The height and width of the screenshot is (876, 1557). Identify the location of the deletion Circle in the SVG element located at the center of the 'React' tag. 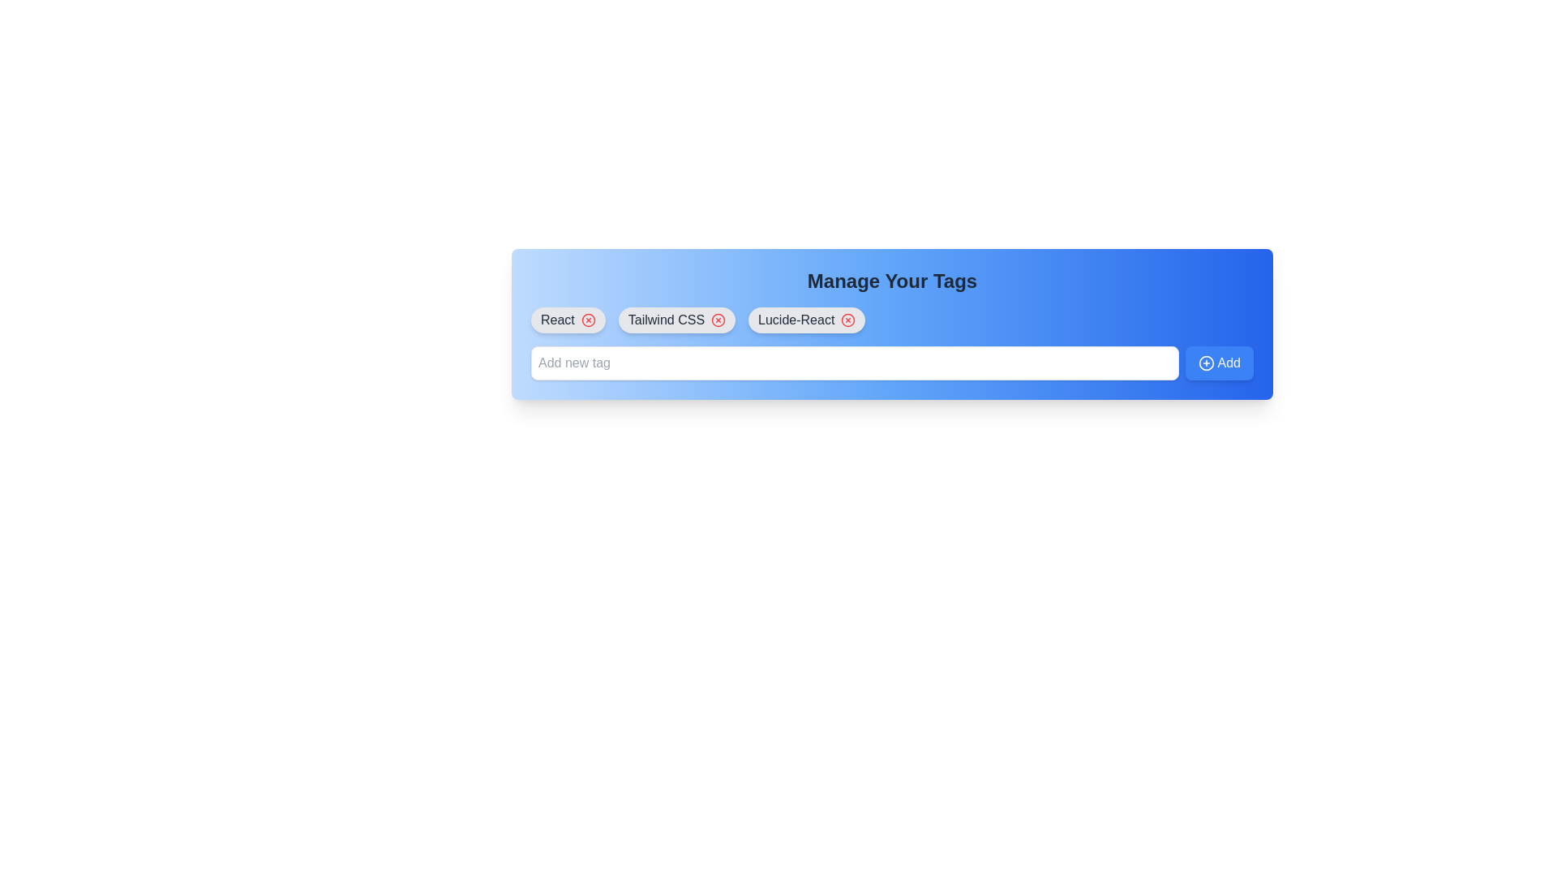
(587, 320).